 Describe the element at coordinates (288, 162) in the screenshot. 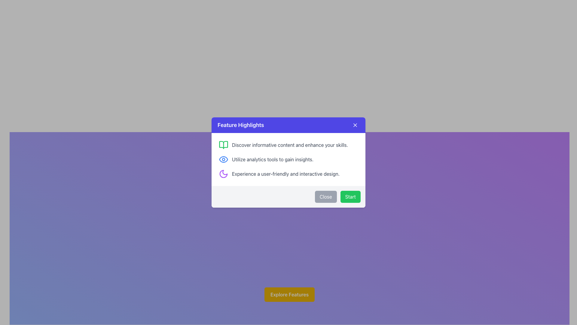

I see `information displayed in the informational modal dialog, which includes highlights or features for the user` at that location.